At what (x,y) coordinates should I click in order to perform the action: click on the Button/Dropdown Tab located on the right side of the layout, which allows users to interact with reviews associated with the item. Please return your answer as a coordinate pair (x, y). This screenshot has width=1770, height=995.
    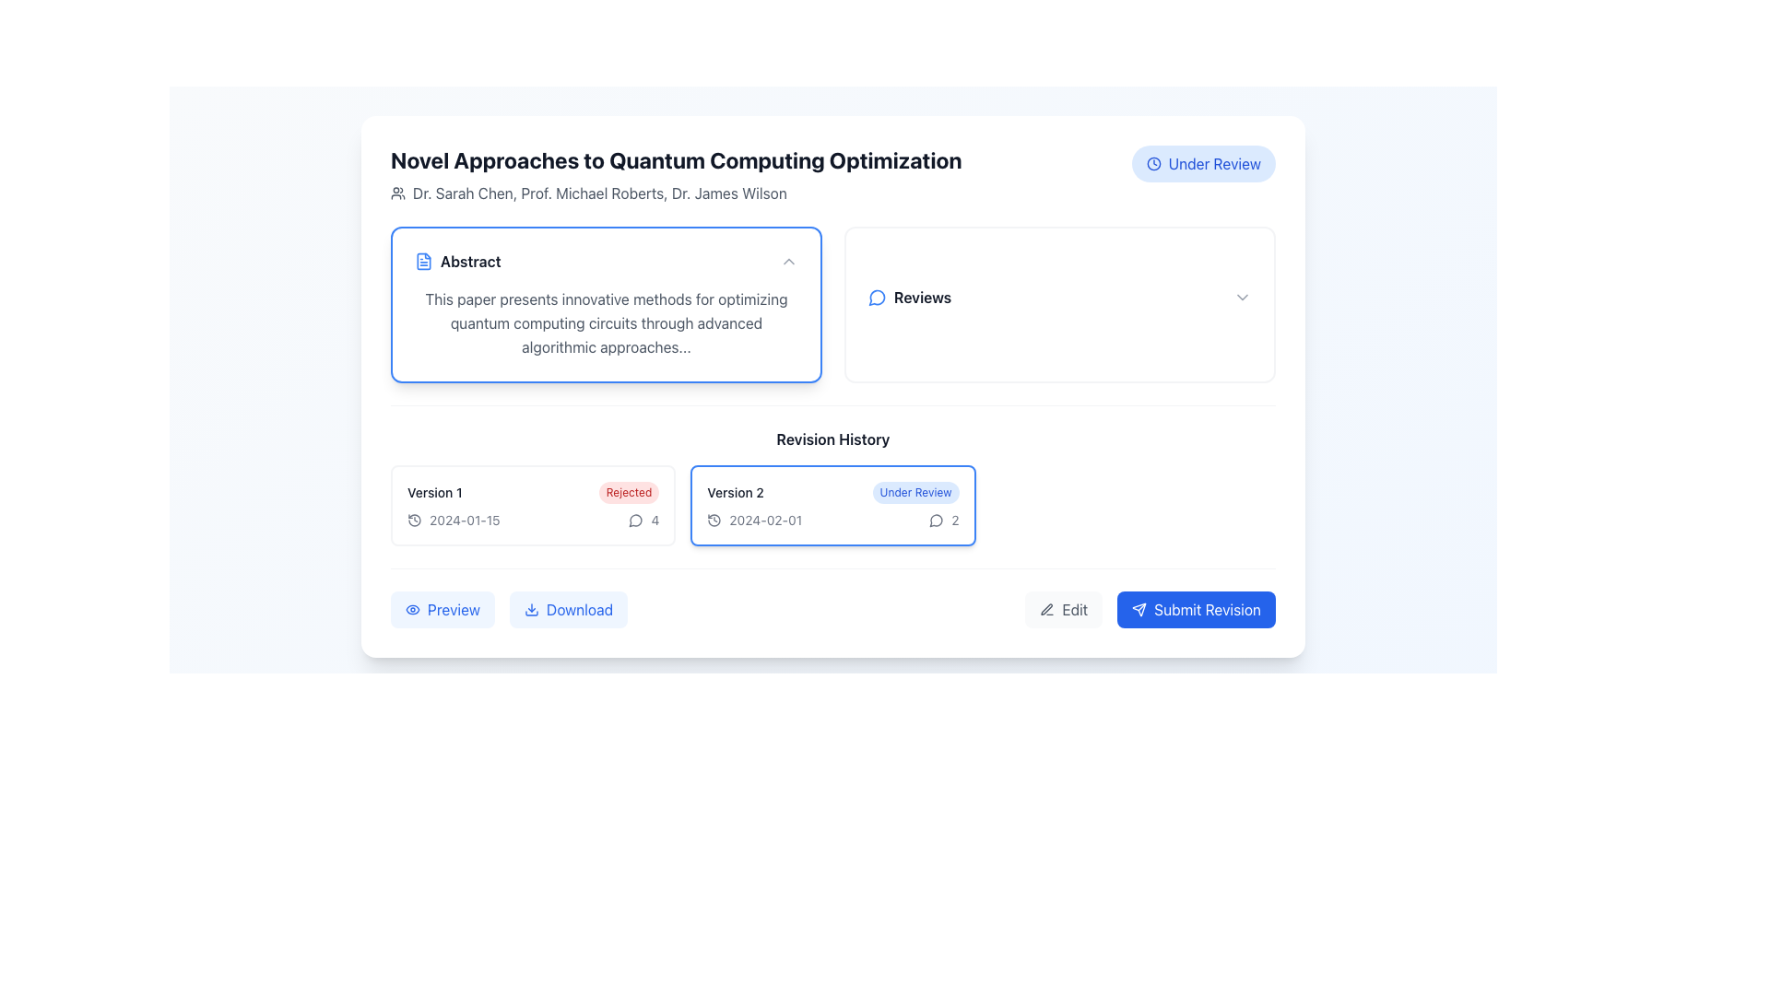
    Looking at the image, I should click on (1060, 304).